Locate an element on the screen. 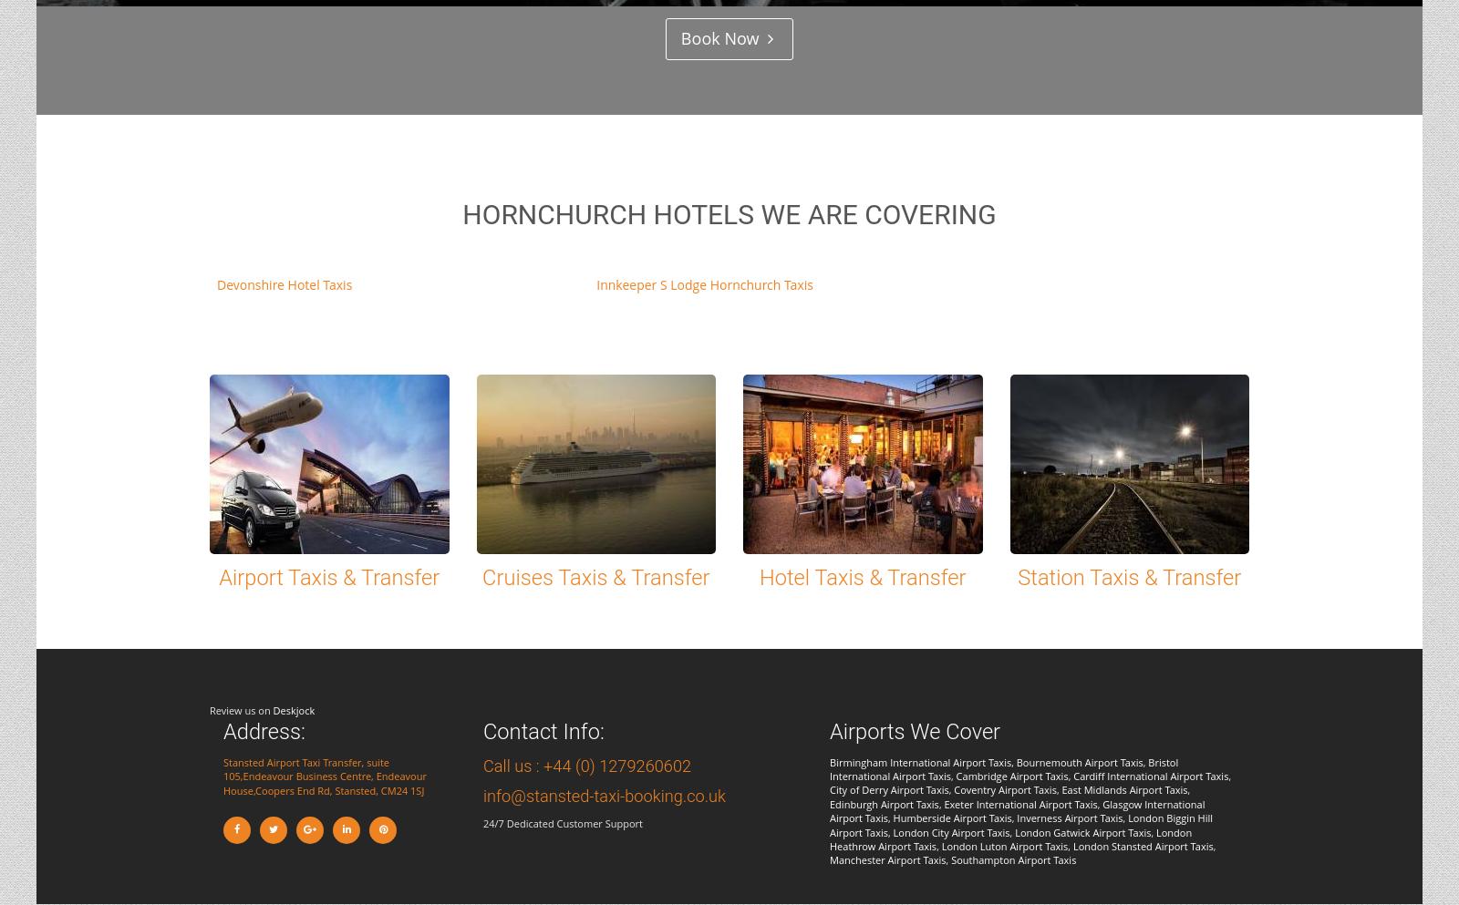 The width and height of the screenshot is (1459, 905). 'Coventry Airport Taxis' is located at coordinates (1004, 788).